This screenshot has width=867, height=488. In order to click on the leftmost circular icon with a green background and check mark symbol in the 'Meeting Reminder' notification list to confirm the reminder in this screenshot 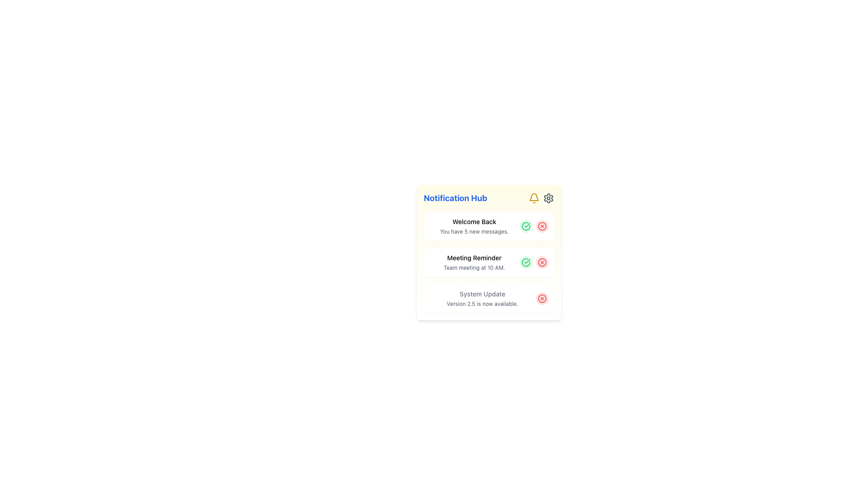, I will do `click(526, 263)`.